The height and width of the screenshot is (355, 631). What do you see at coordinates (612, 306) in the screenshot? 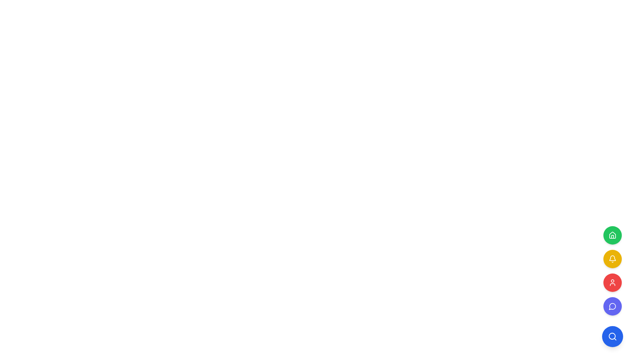
I see `the messaging icon button located fourth from the top in a vertical stack of five circular icons, aligned along the right edge of the interface` at bounding box center [612, 306].